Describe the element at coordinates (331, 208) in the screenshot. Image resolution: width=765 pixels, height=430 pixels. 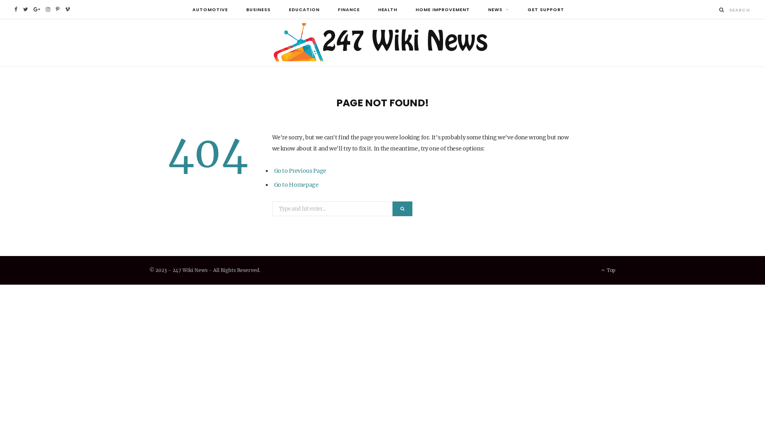
I see `'Search for:'` at that location.